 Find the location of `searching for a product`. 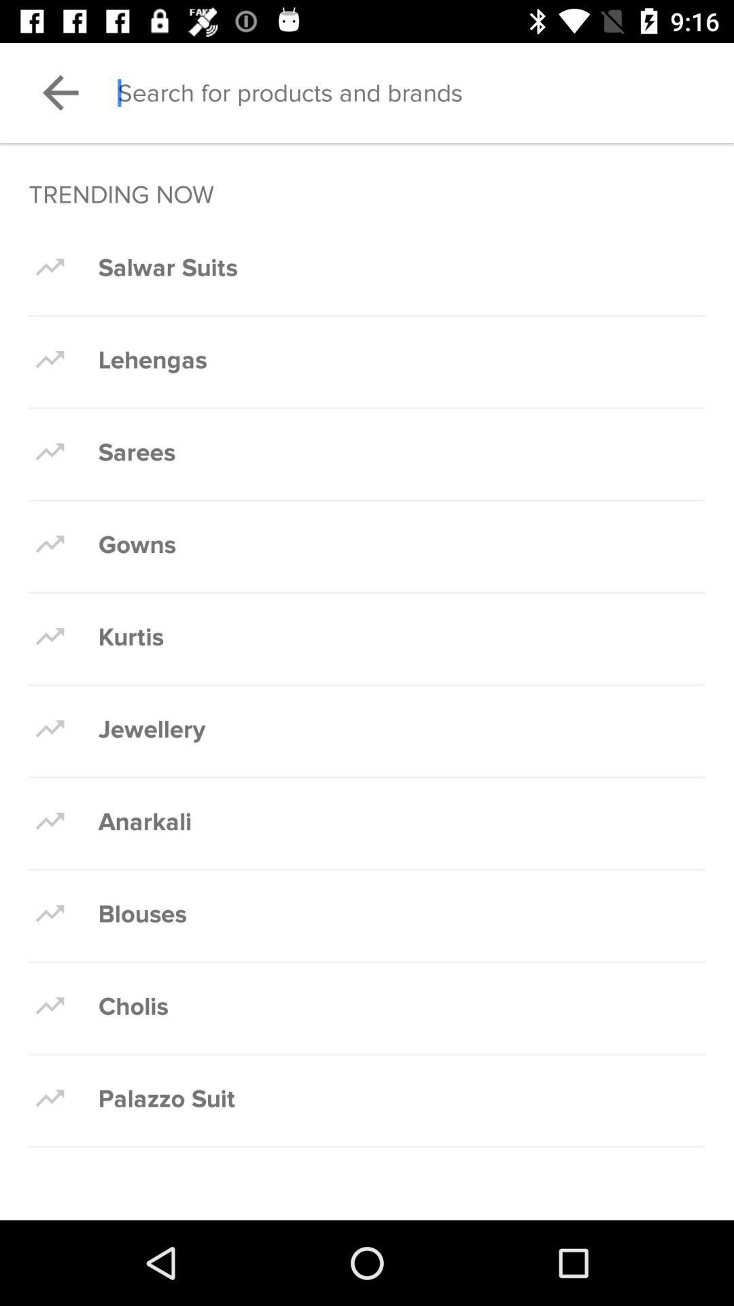

searching for a product is located at coordinates (425, 92).